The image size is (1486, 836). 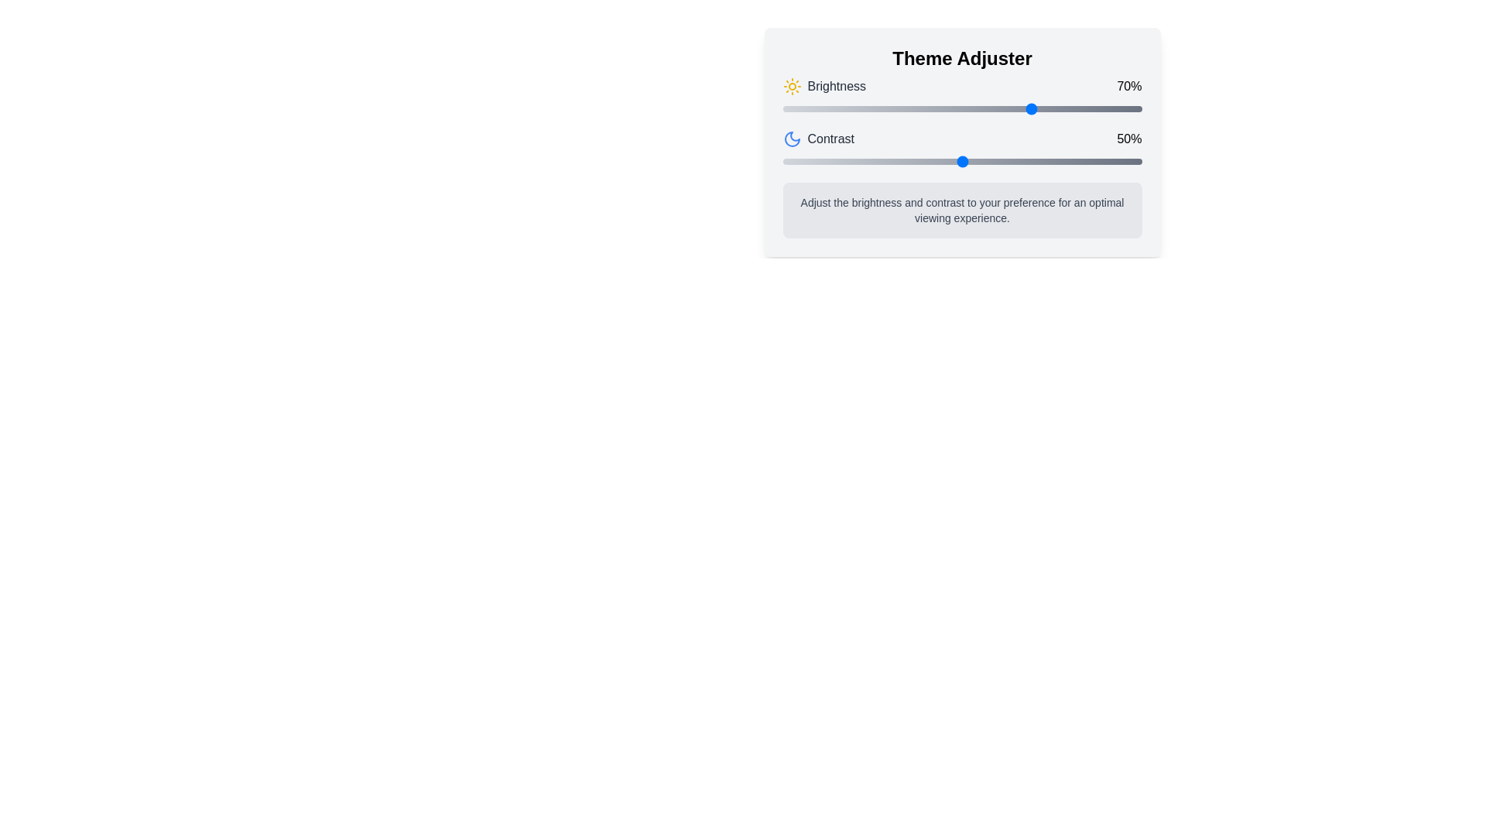 What do you see at coordinates (1073, 161) in the screenshot?
I see `the contrast level` at bounding box center [1073, 161].